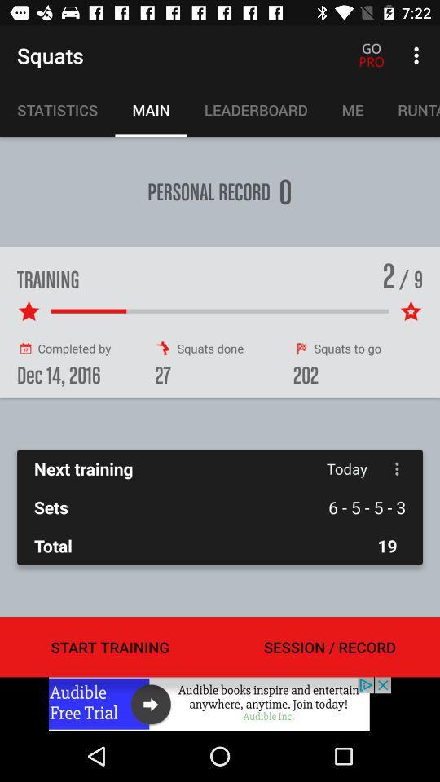 This screenshot has width=440, height=782. I want to click on important to know, so click(220, 703).